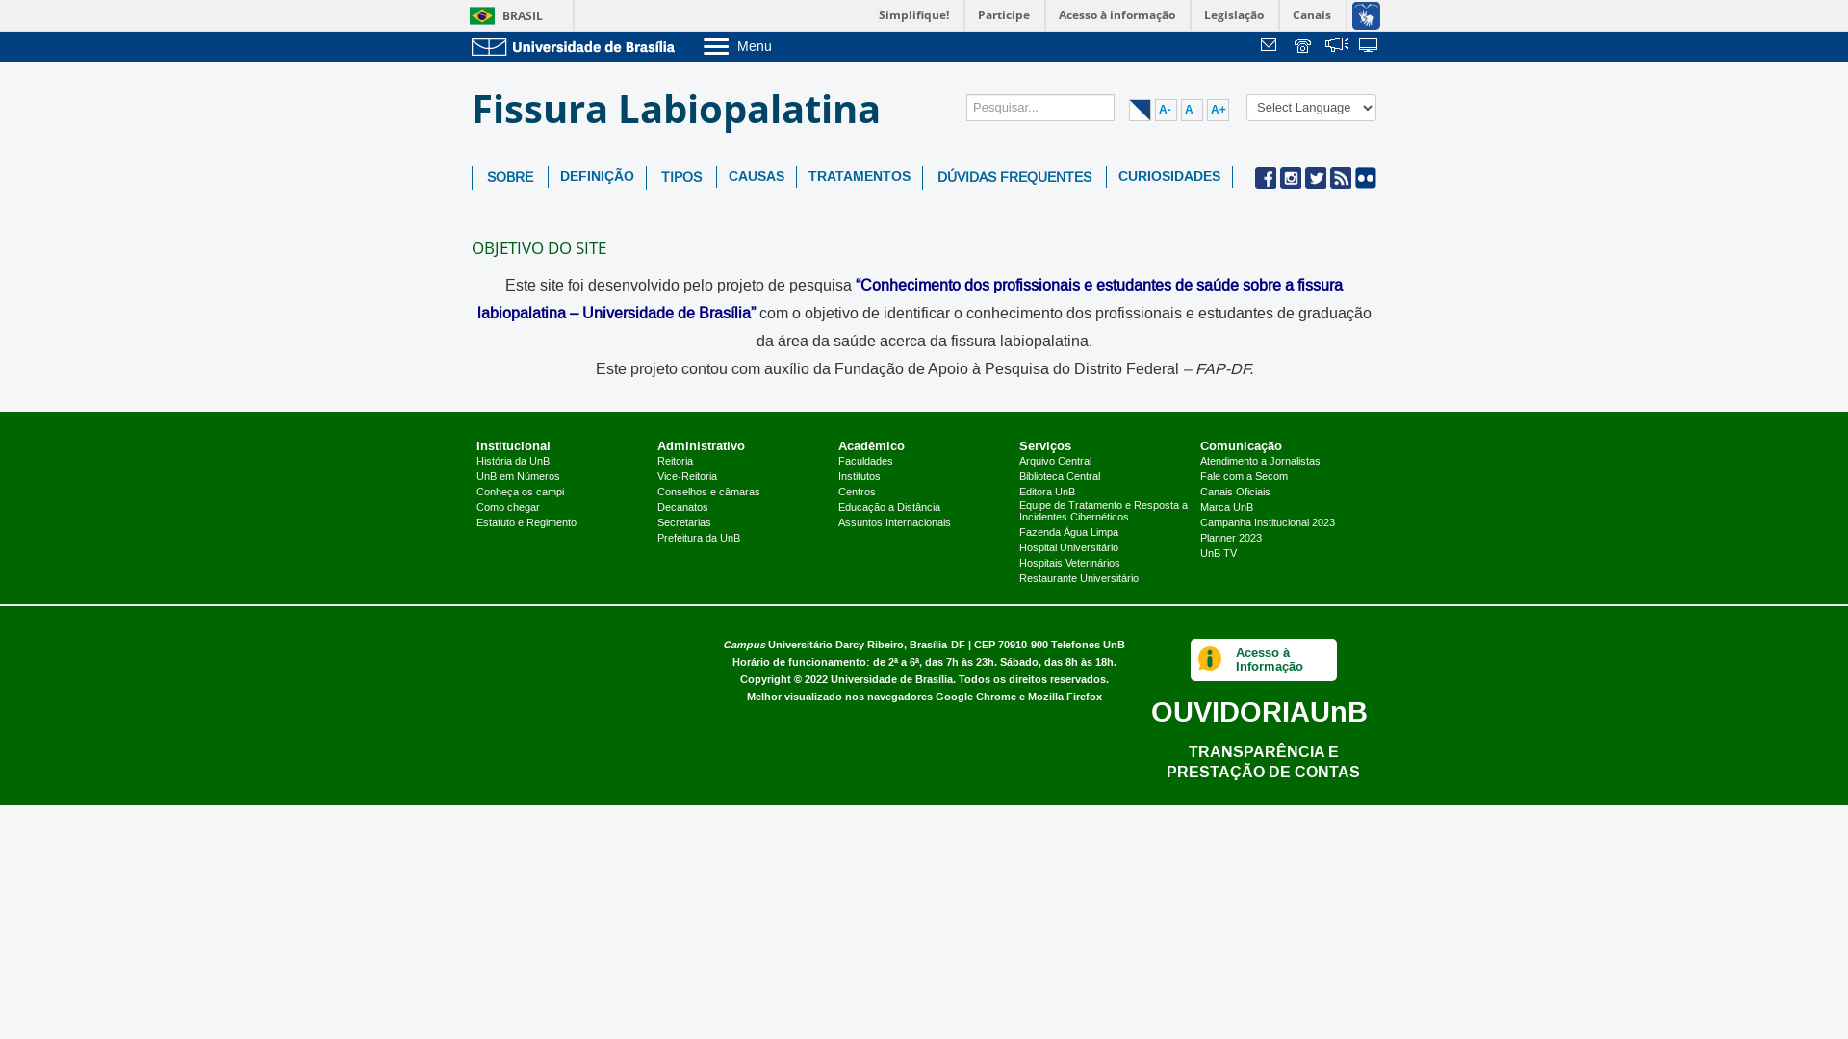  Describe the element at coordinates (1217, 110) in the screenshot. I see `'A+'` at that location.